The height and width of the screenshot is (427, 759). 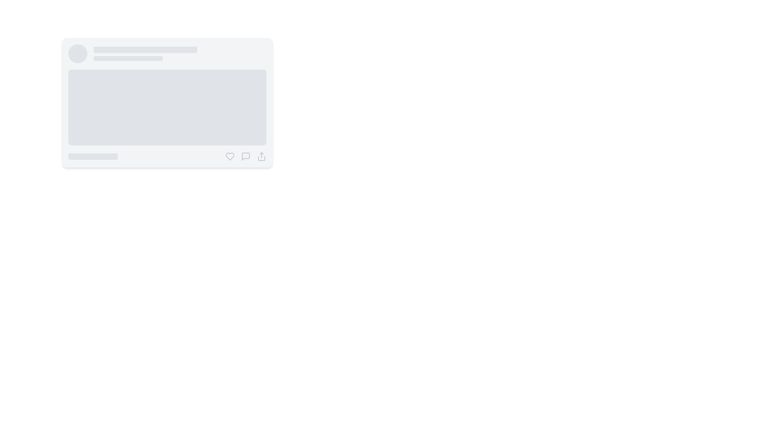 What do you see at coordinates (229, 157) in the screenshot?
I see `the heart icon, which is the leftmost icon in a horizontal row of interactive symbols located at the bottom-right corner of a content card, to signify a 'like' or 'favorite' action` at bounding box center [229, 157].